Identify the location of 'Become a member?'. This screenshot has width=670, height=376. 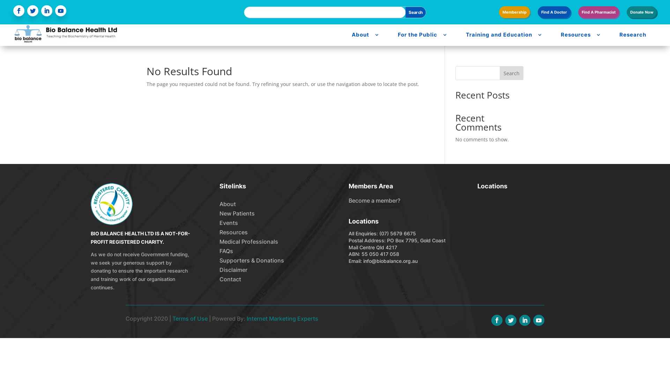
(348, 200).